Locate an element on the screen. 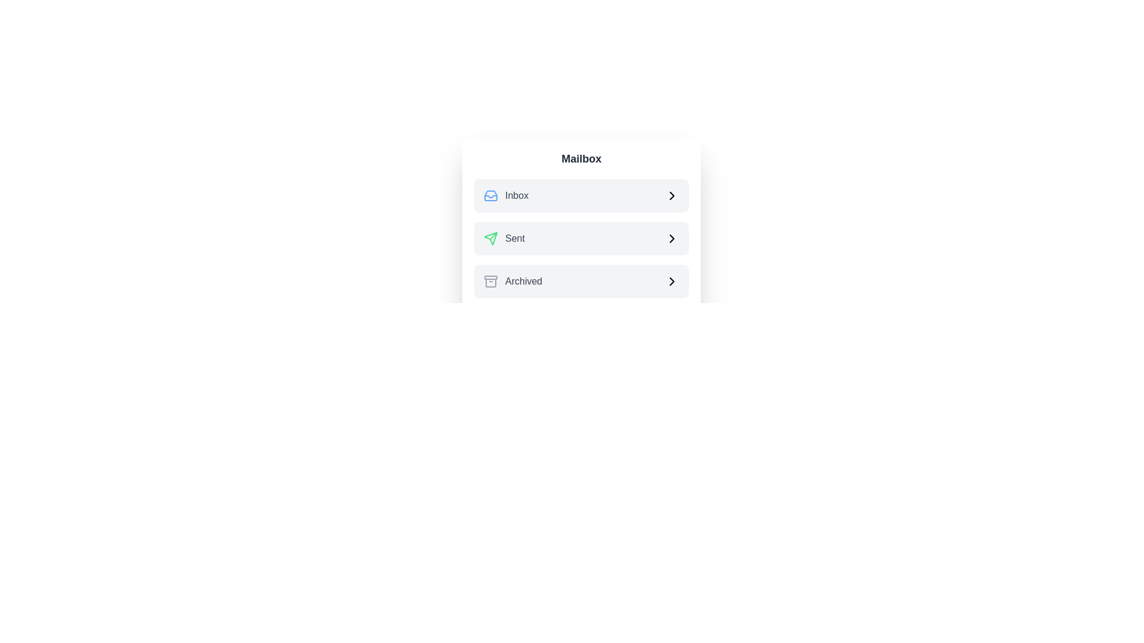 Image resolution: width=1144 pixels, height=643 pixels. the 'Archived' text label, which is styled in medium-weight gray font and is the third item in a vertically-stacked menu layout, located next to an archive box icon is located at coordinates (524, 282).